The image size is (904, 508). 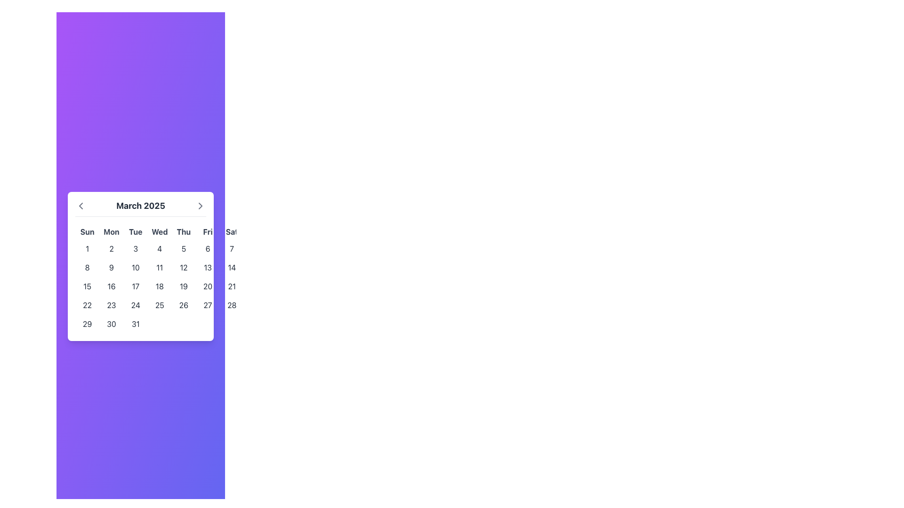 I want to click on the text element representing the number '4', so click(x=160, y=248).